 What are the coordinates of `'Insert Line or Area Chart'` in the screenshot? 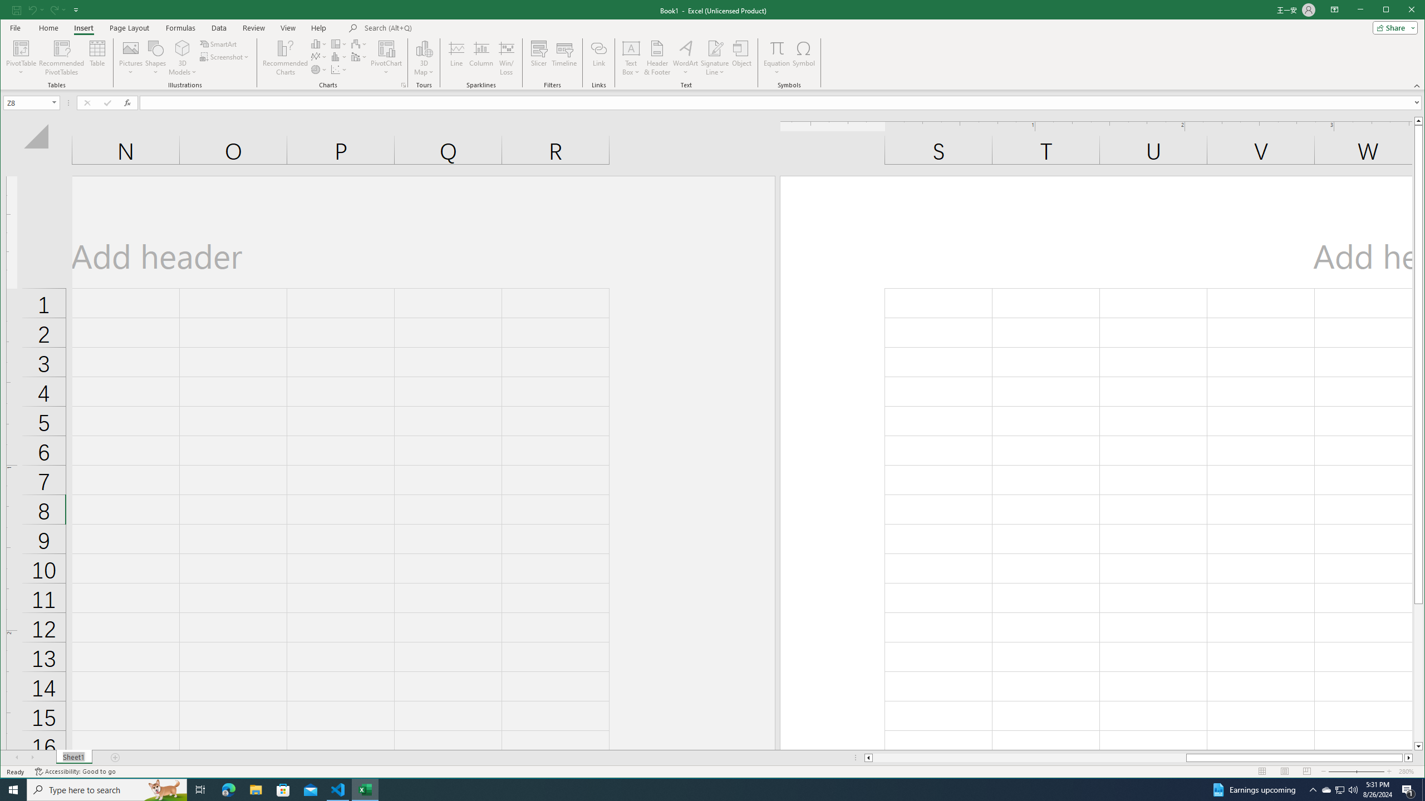 It's located at (318, 57).